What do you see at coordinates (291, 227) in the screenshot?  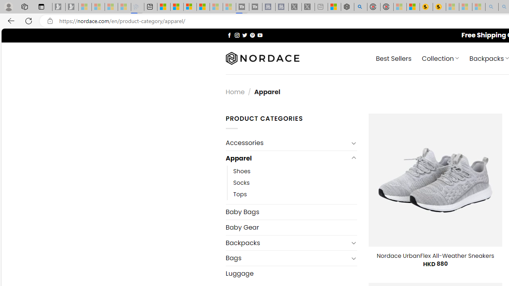 I see `'Baby Gear'` at bounding box center [291, 227].